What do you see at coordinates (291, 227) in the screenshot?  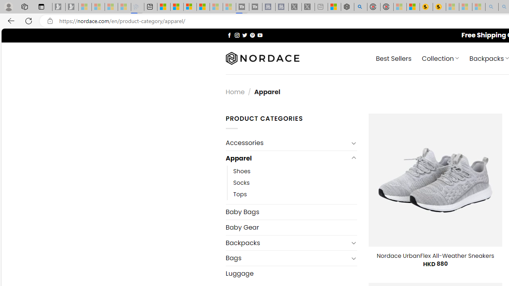 I see `'Baby Gear'` at bounding box center [291, 227].